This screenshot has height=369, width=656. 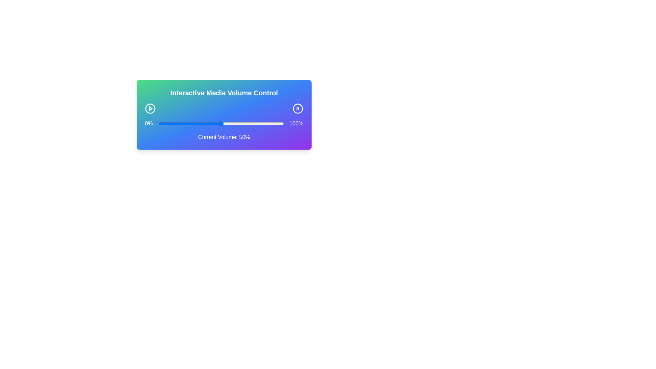 I want to click on the volume slider to 94%, so click(x=276, y=124).